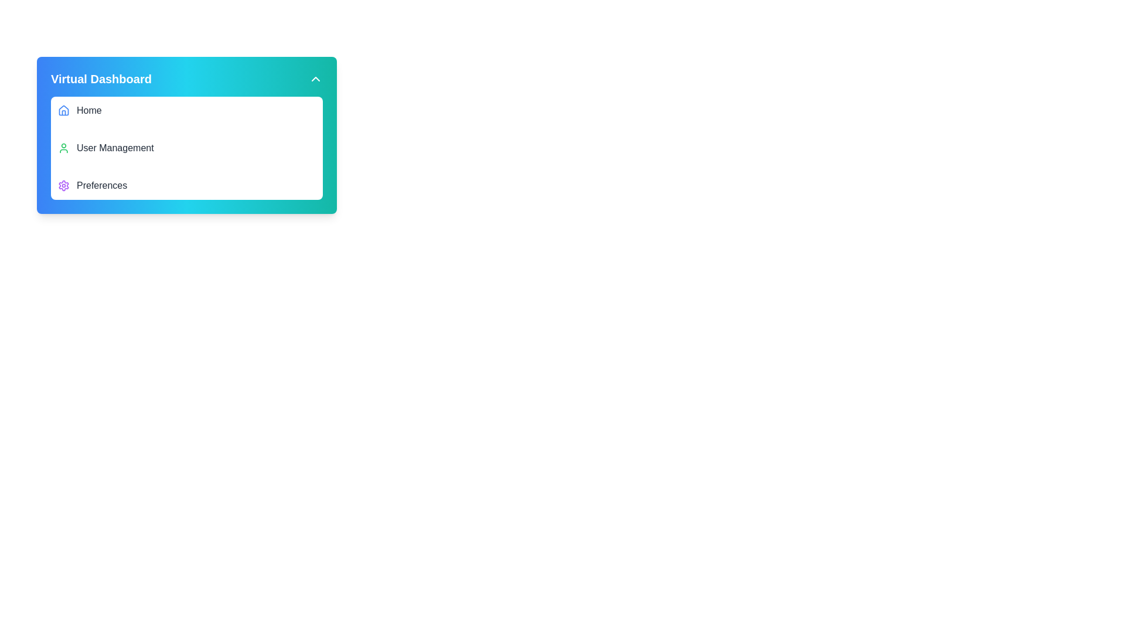  I want to click on the settings icon located to the left of the 'Preferences' label in the third item of the vertical list under the 'Virtual Dashboard' section, so click(63, 185).